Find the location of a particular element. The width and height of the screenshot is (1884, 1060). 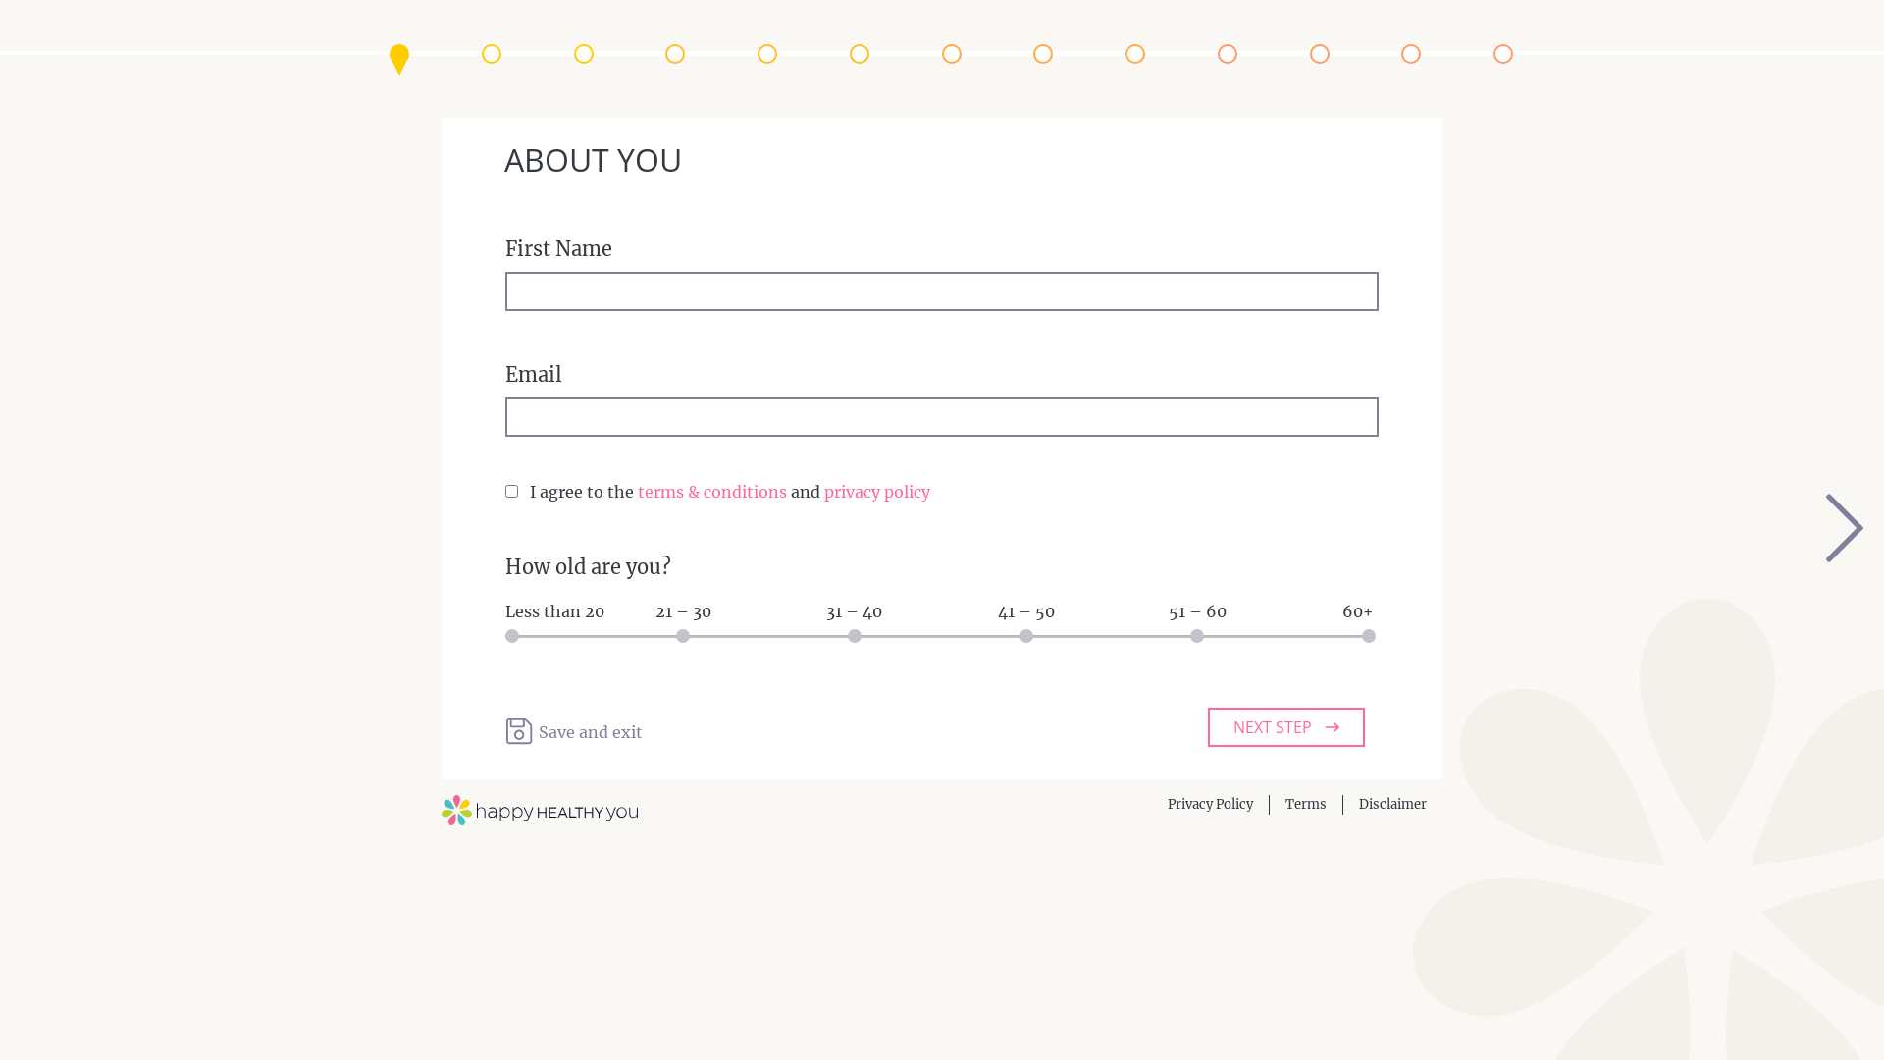

'Medical Conditions' is located at coordinates (572, 52).